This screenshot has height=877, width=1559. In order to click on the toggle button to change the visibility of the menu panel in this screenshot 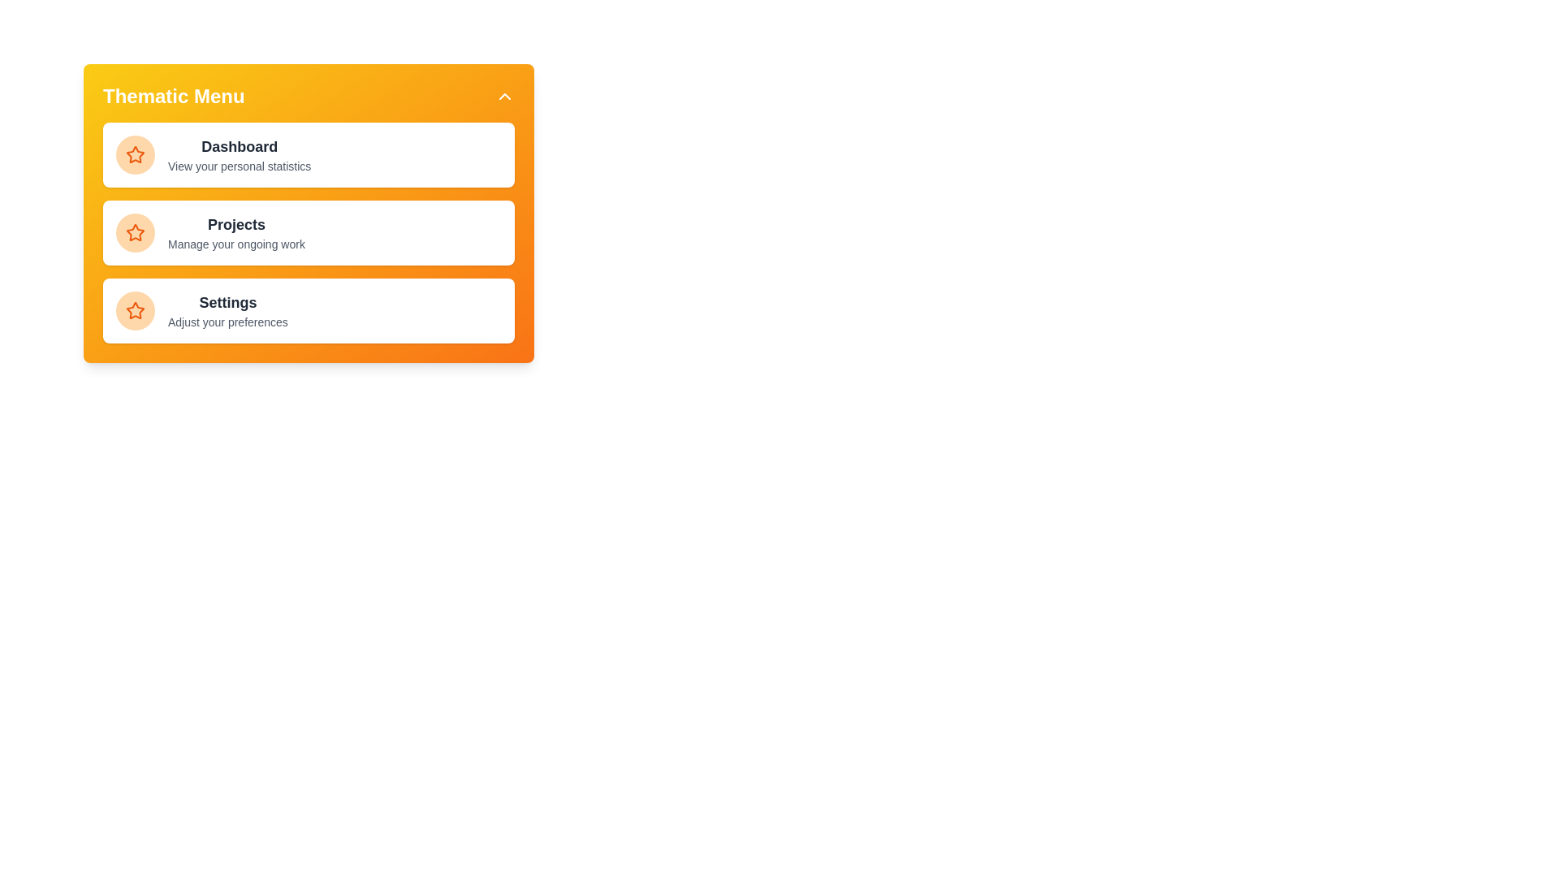, I will do `click(504, 97)`.